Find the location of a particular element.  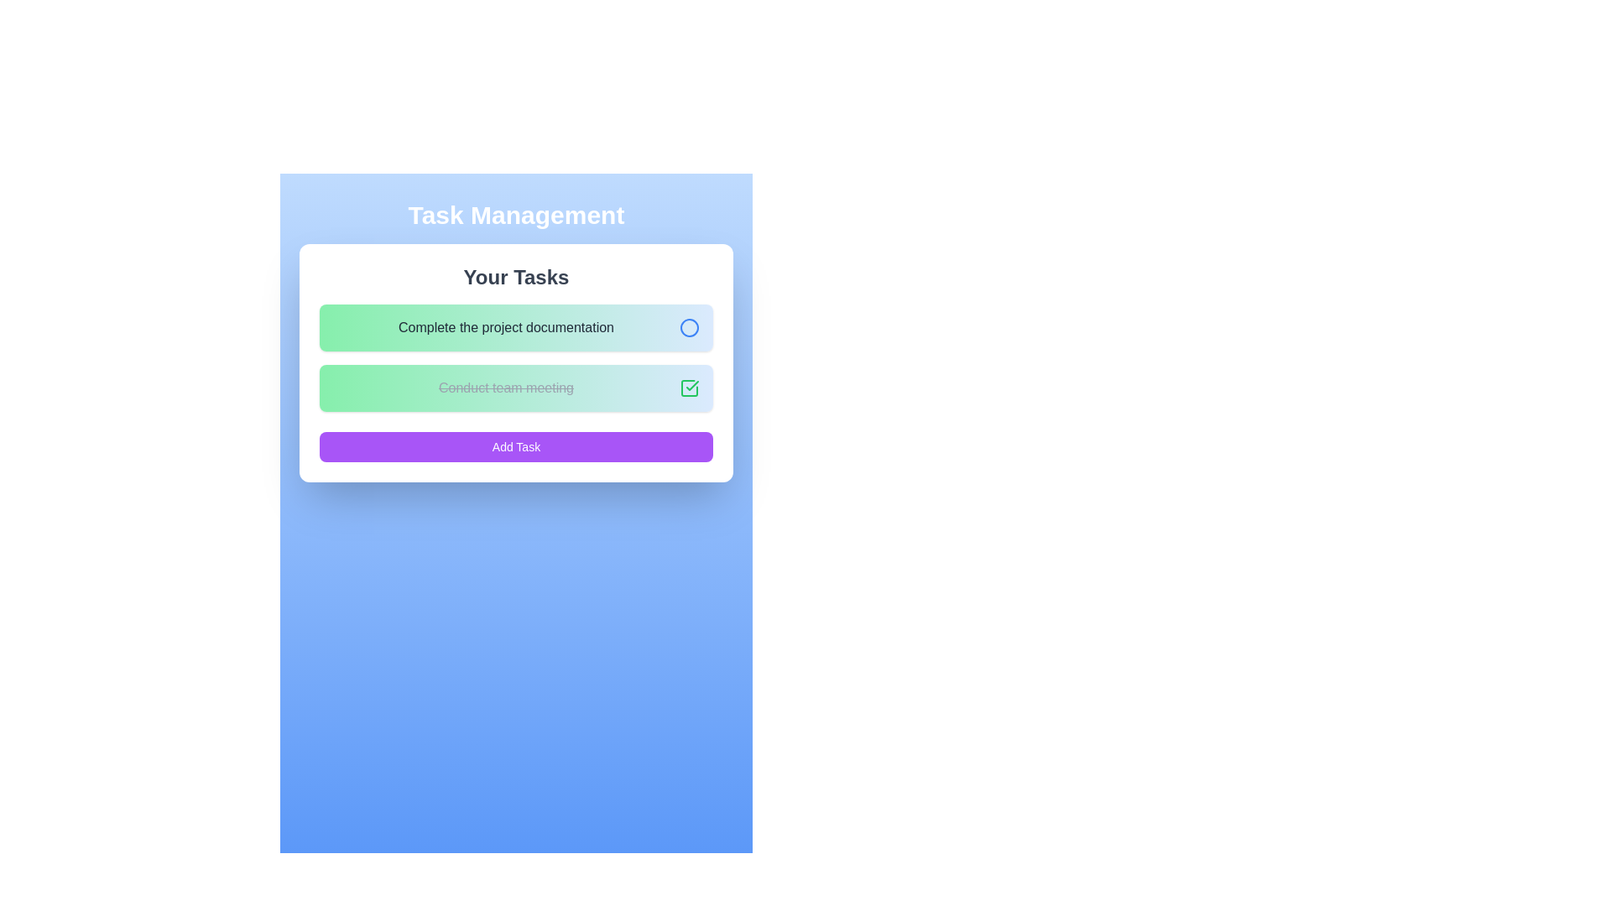

the primary text label indicating a task item under 'Your Tasks' to observe styling changes is located at coordinates (505, 327).